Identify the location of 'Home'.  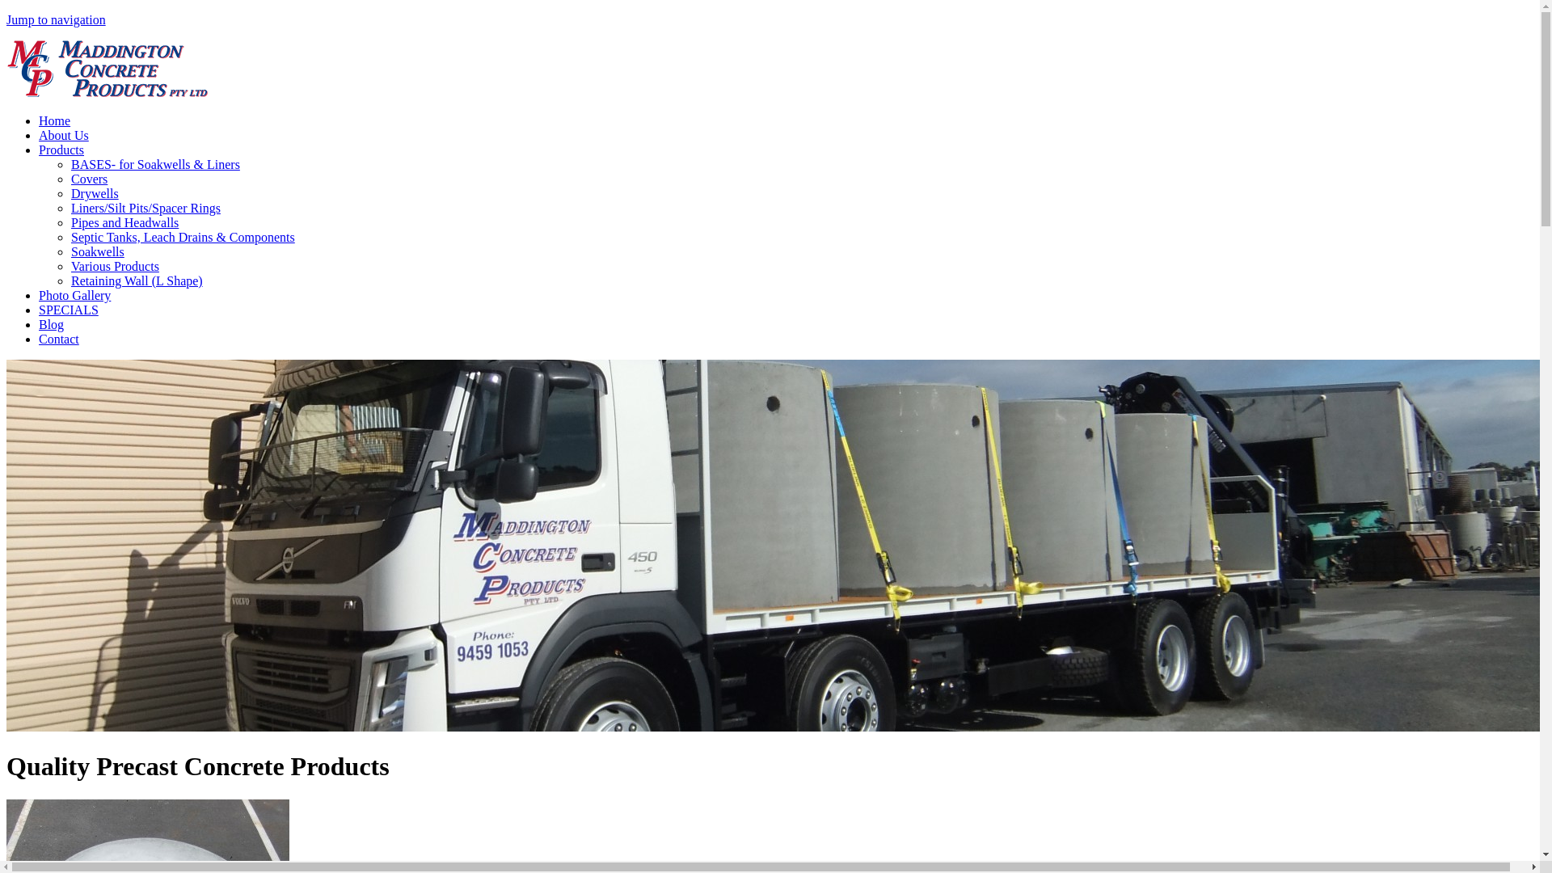
(54, 120).